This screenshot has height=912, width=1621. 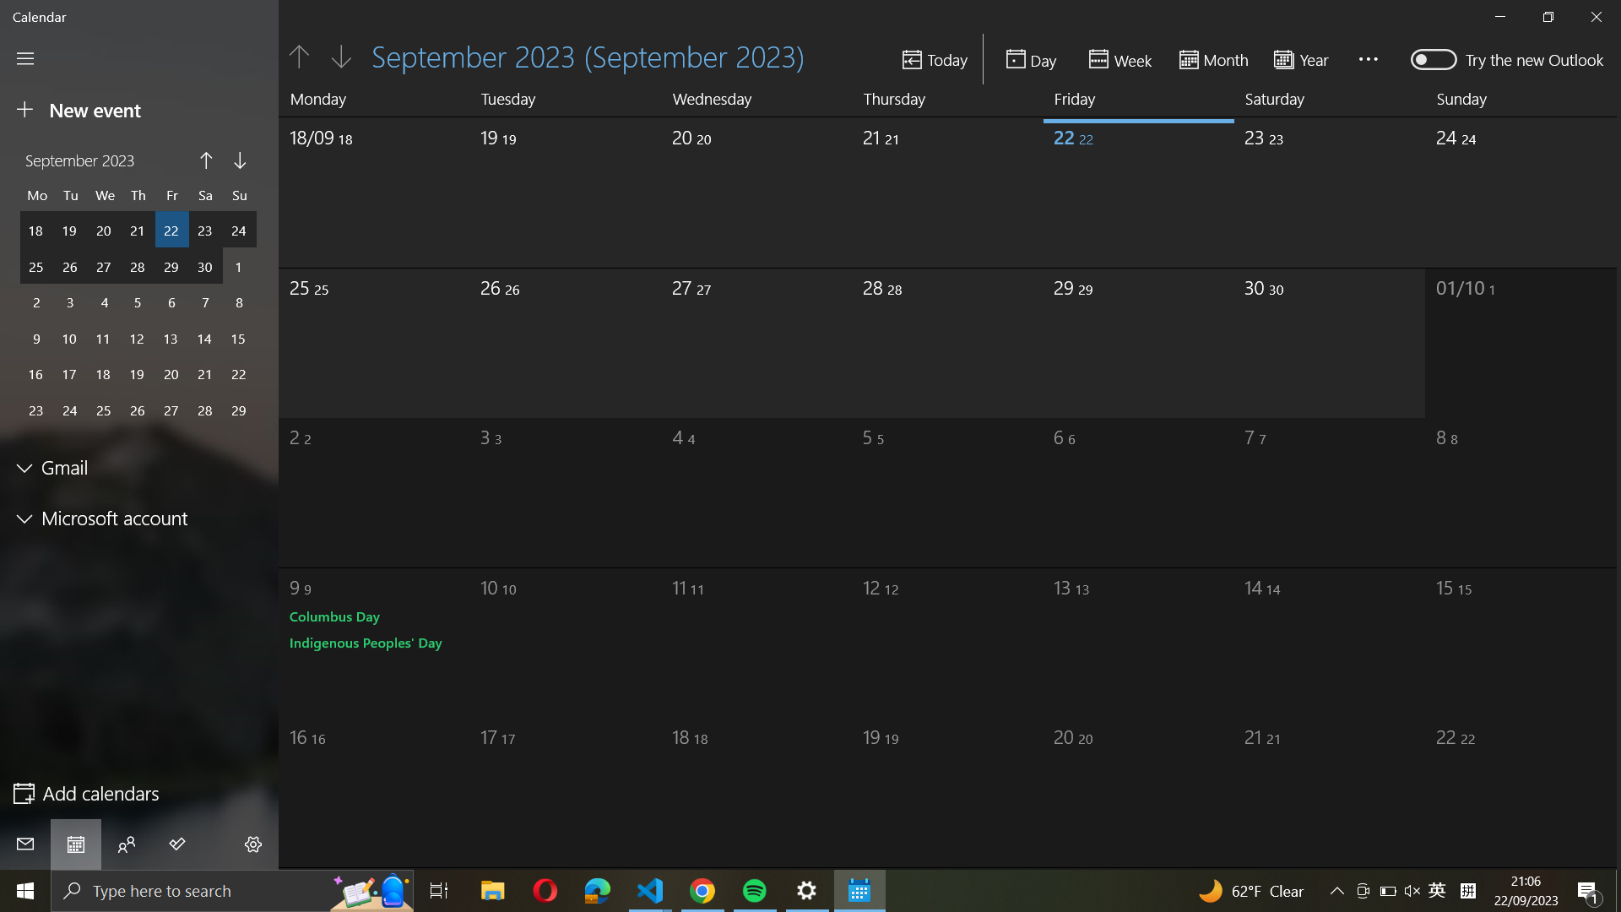 What do you see at coordinates (1114, 636) in the screenshot?
I see `the date 13th October` at bounding box center [1114, 636].